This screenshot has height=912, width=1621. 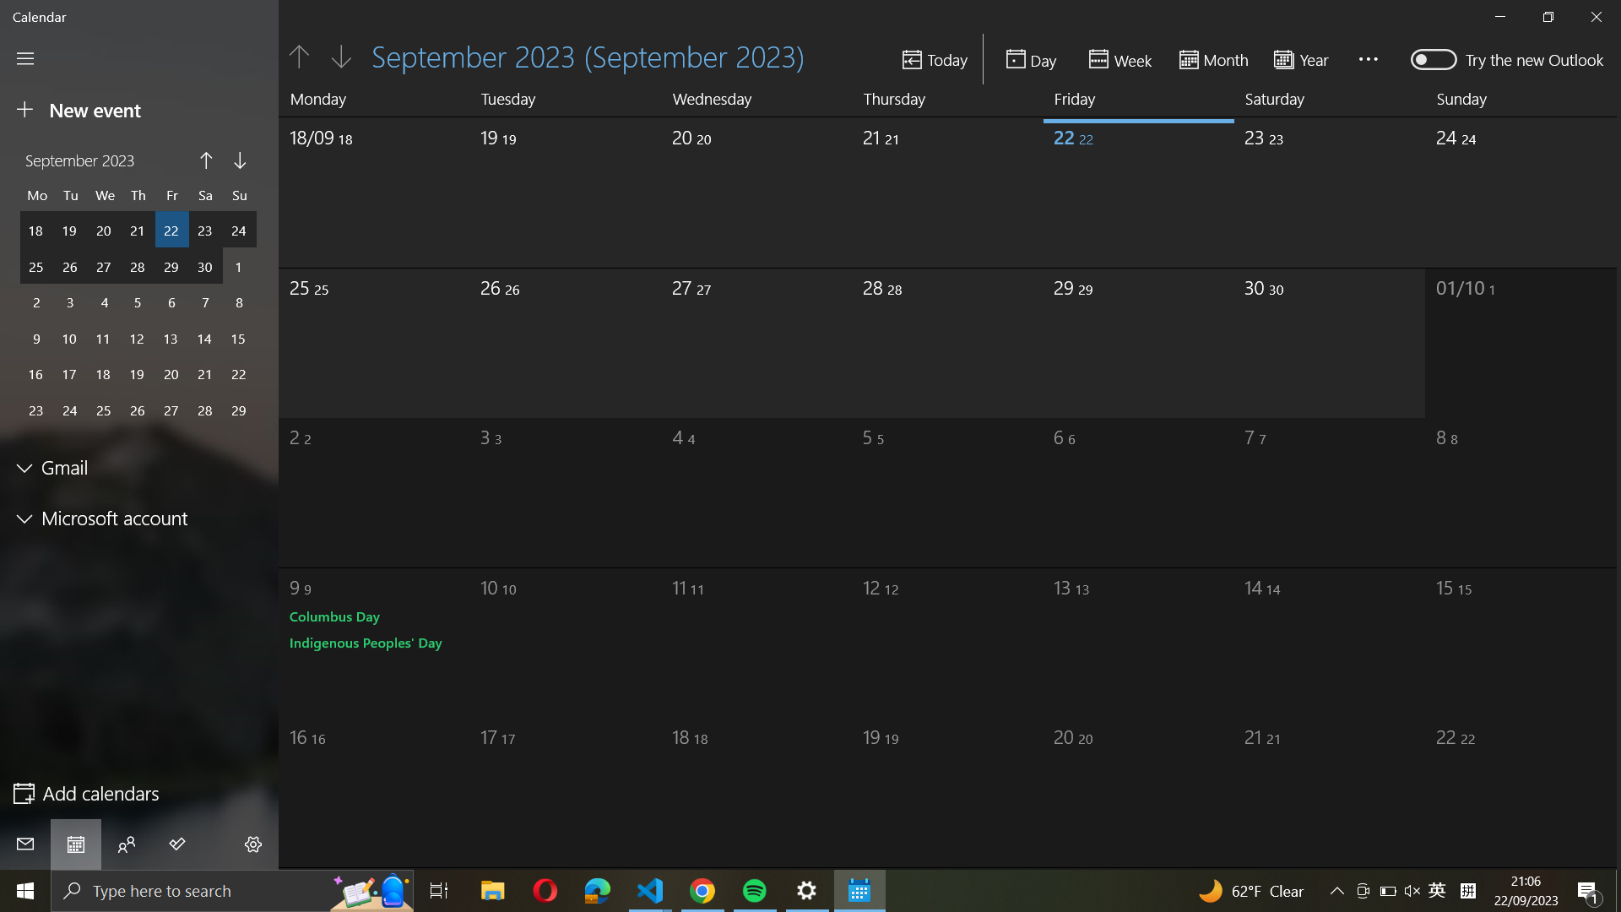 What do you see at coordinates (1114, 636) in the screenshot?
I see `the date 13th October` at bounding box center [1114, 636].